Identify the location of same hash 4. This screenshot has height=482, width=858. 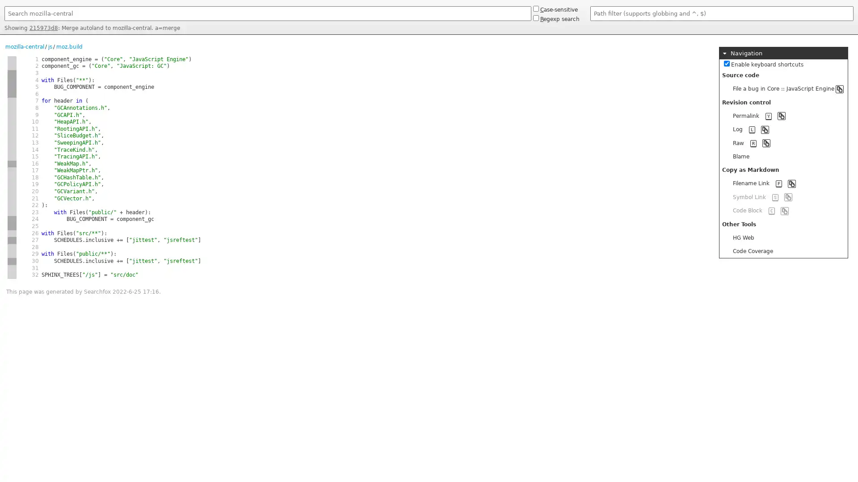
(12, 254).